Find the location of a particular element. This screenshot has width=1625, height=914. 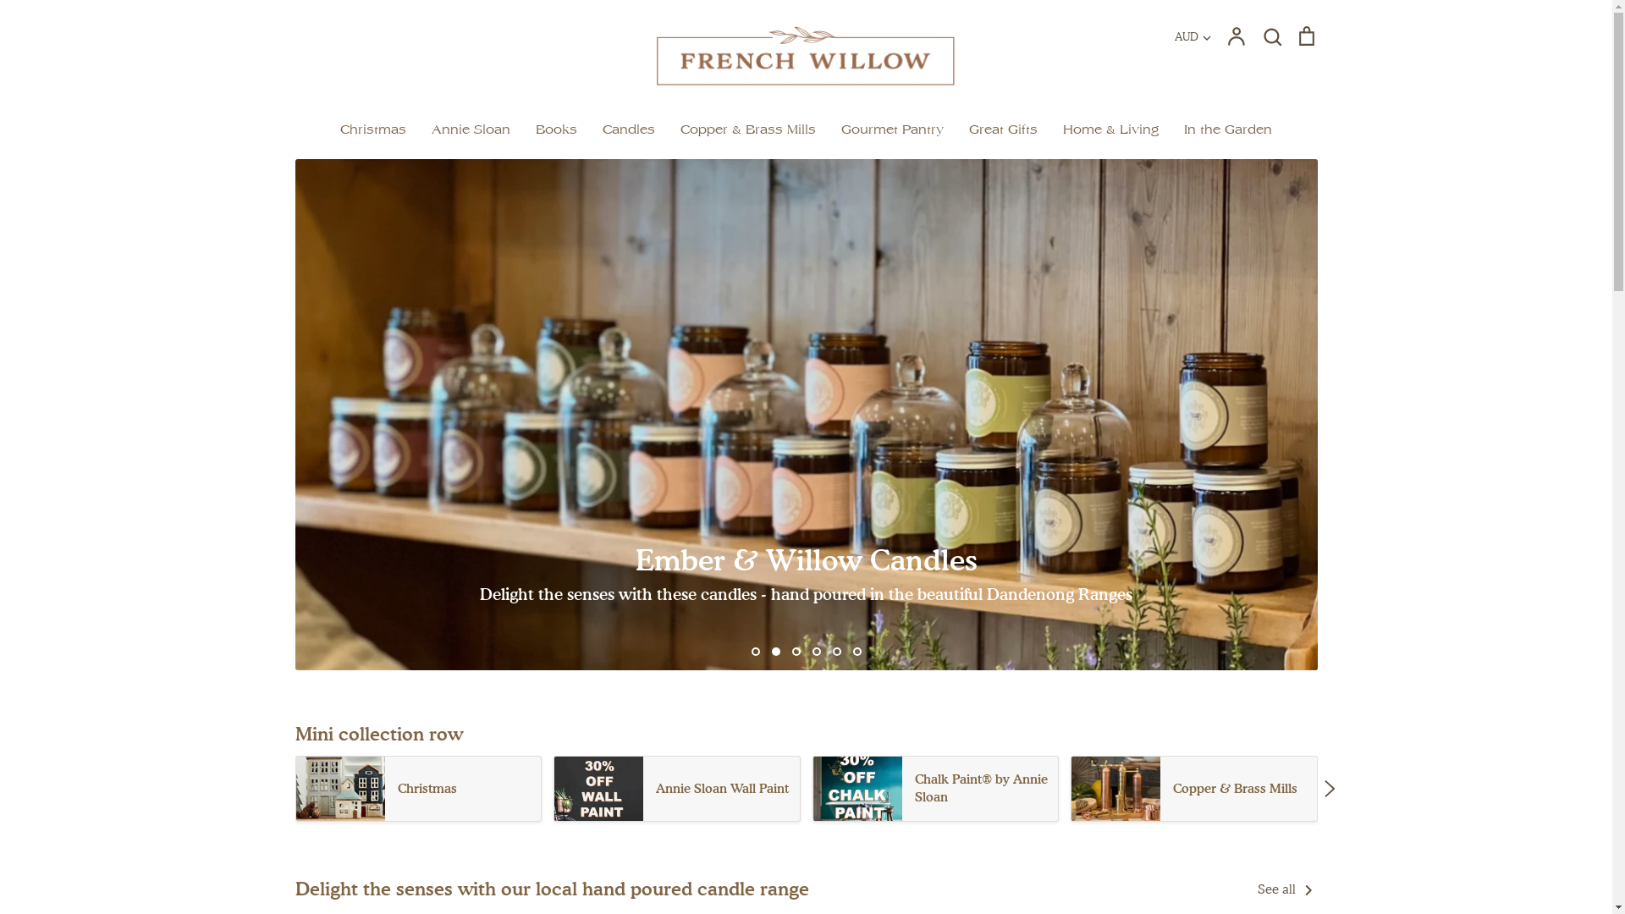

'Christmas' is located at coordinates (418, 789).